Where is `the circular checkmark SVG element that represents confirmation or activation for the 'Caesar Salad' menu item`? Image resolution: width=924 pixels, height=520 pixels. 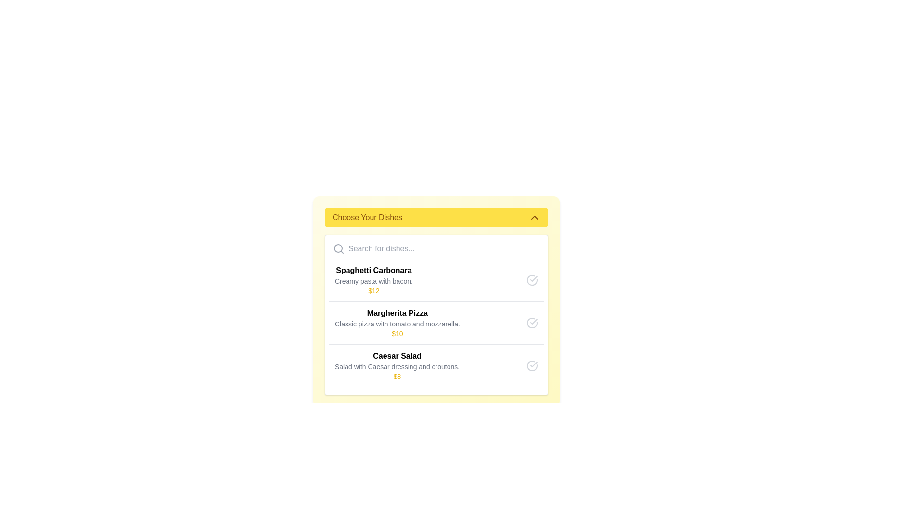
the circular checkmark SVG element that represents confirmation or activation for the 'Caesar Salad' menu item is located at coordinates (531, 365).